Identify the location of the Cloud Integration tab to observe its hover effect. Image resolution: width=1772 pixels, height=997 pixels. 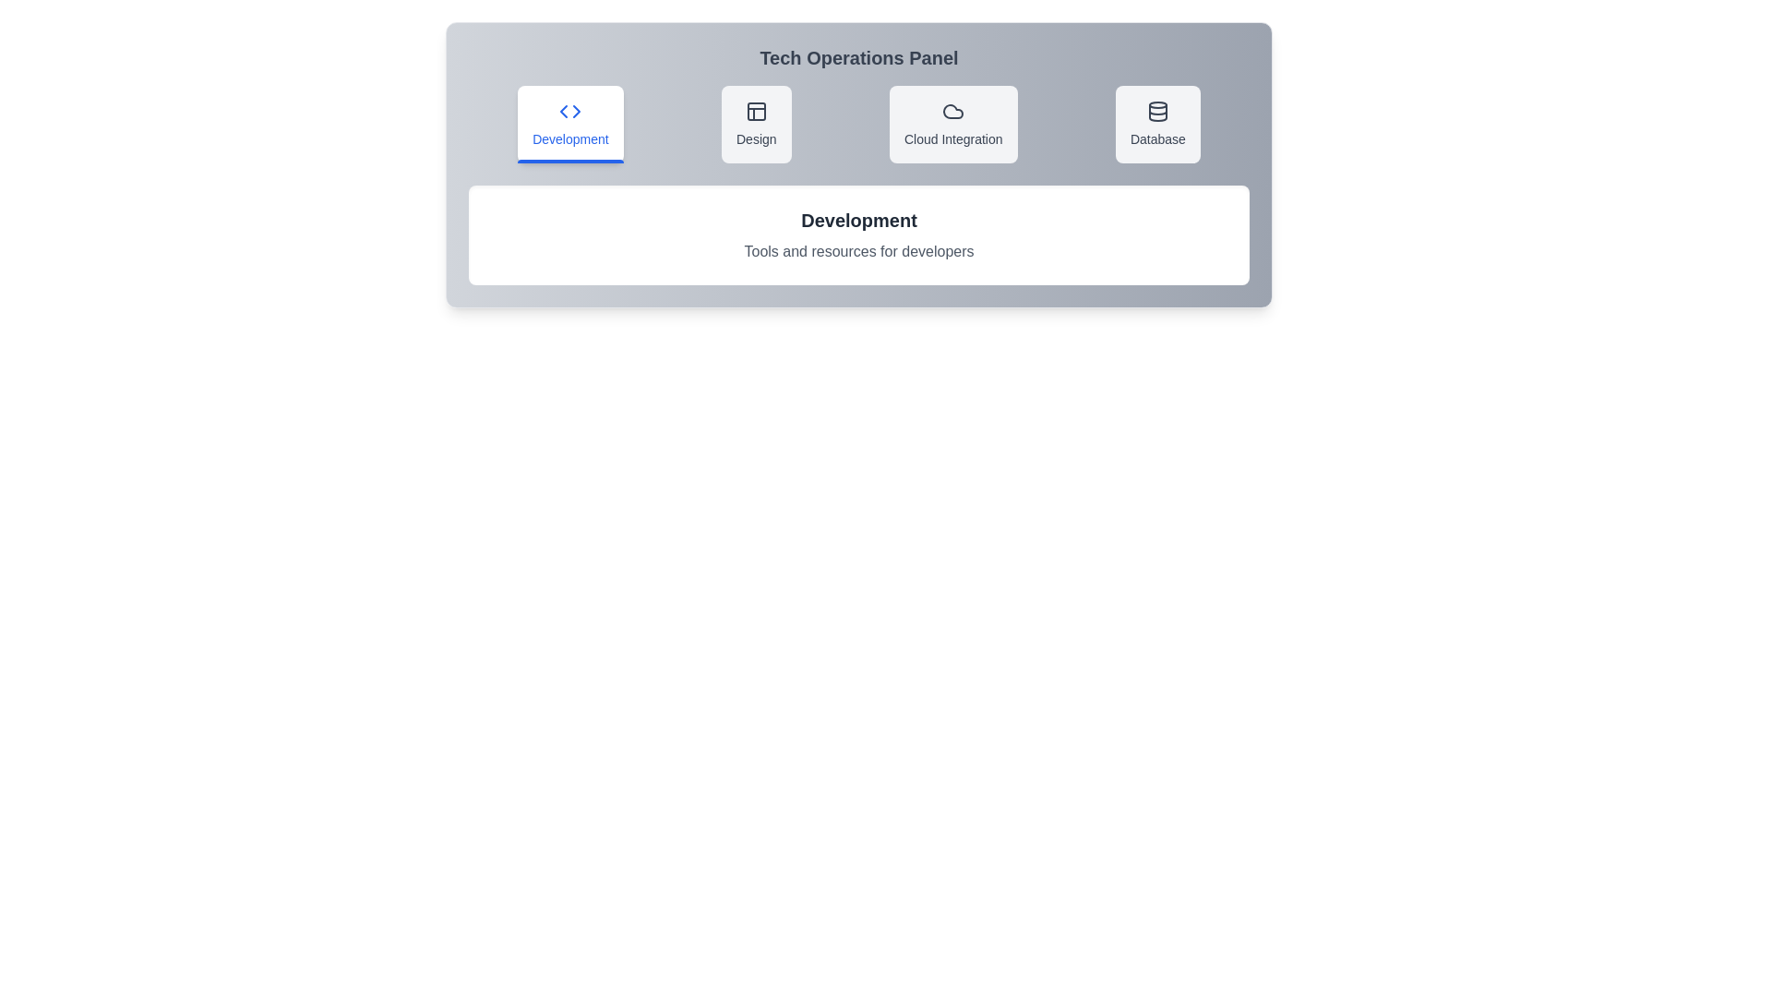
(953, 125).